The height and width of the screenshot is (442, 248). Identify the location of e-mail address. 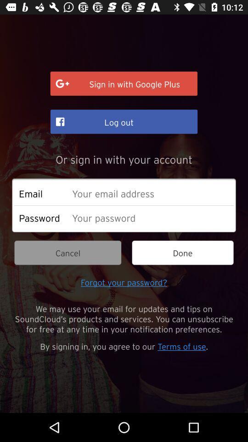
(150, 193).